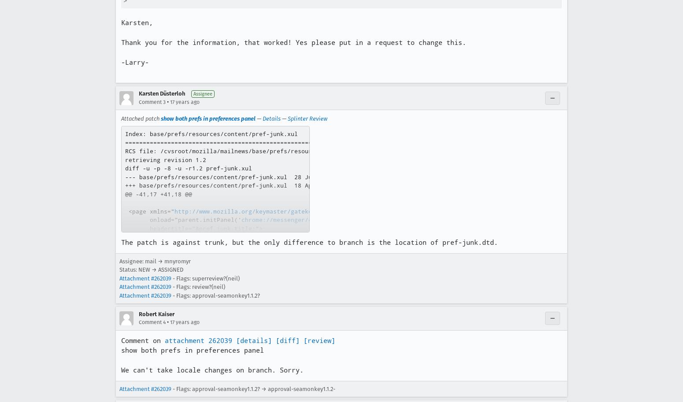 This screenshot has width=683, height=402. Describe the element at coordinates (243, 271) in the screenshot. I see `'-                         "markAsReadOnSpam", "enableJunkLogging"];'` at that location.